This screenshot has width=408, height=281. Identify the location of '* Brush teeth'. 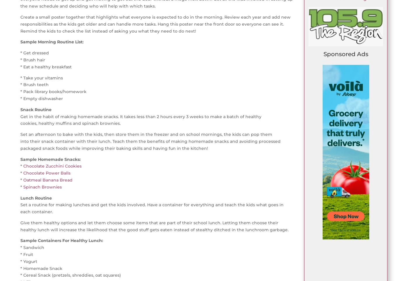
(34, 84).